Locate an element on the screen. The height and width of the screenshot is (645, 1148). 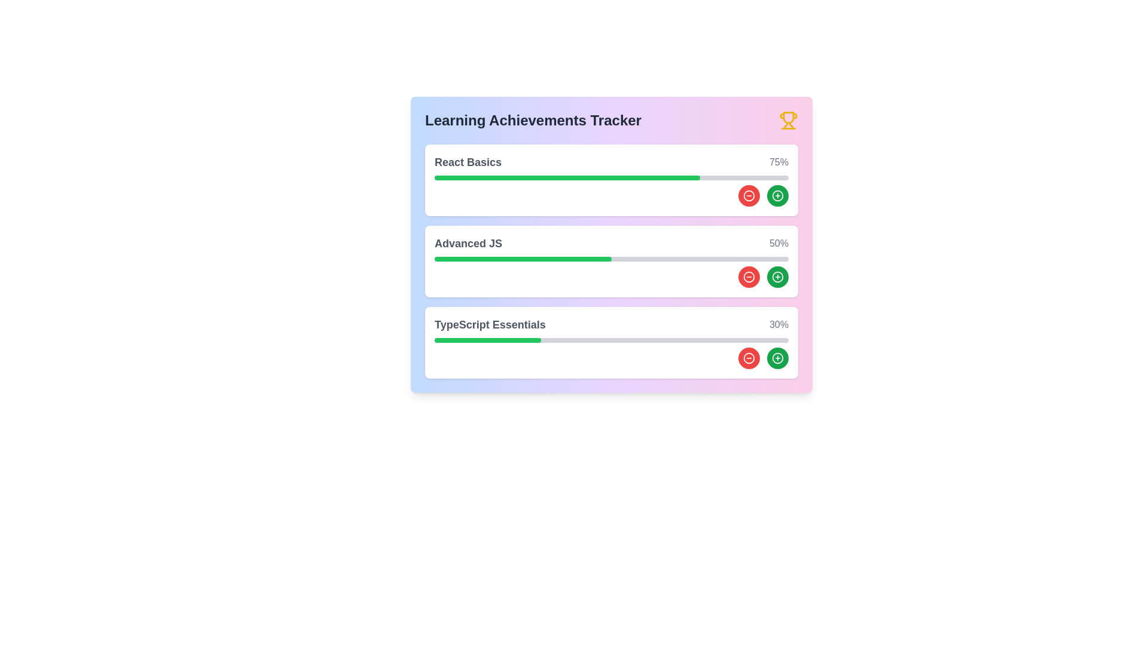
the progress label indicating 'React Basics', which is located to the right of the section's title is located at coordinates (778, 162).